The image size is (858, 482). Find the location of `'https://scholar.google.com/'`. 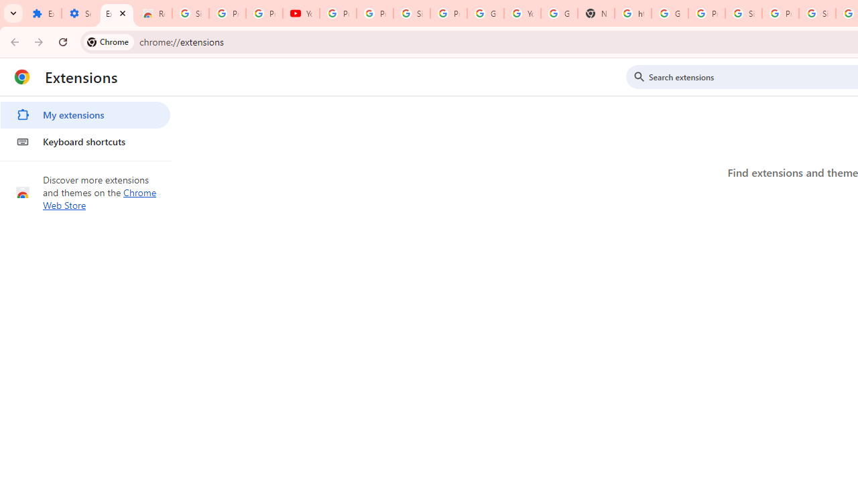

'https://scholar.google.com/' is located at coordinates (632, 13).